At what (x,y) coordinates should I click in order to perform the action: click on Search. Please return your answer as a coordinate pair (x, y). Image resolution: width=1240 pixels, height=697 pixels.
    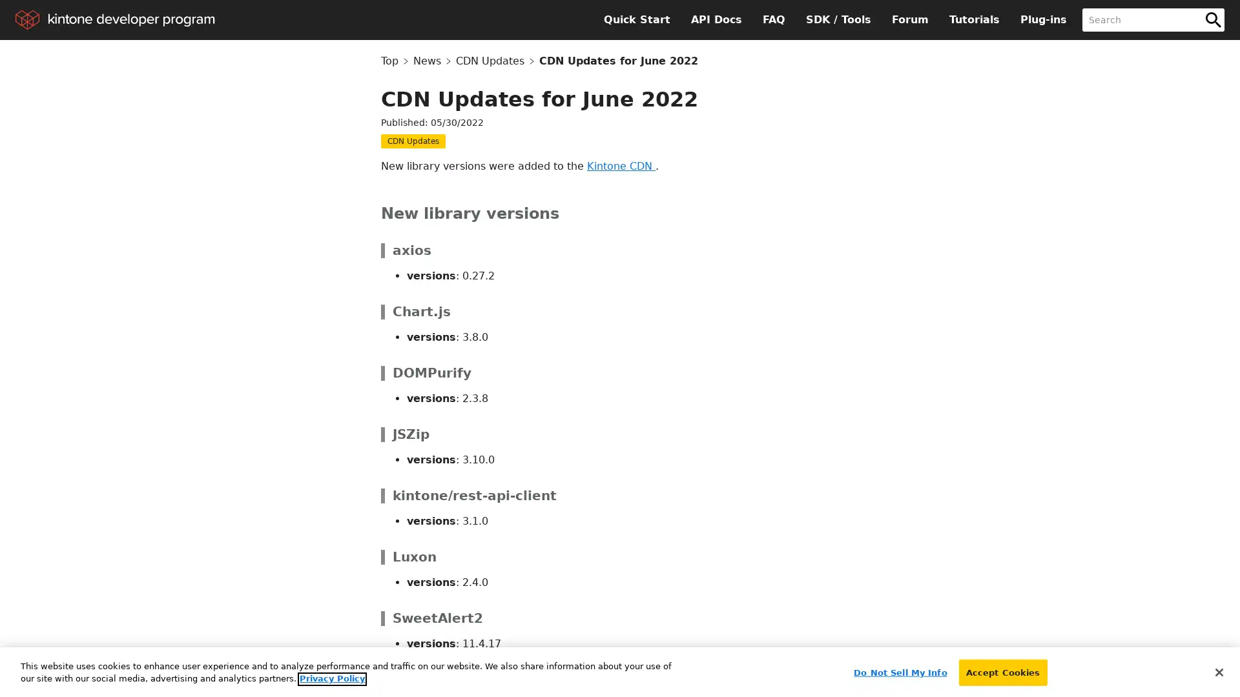
    Looking at the image, I should click on (1212, 19).